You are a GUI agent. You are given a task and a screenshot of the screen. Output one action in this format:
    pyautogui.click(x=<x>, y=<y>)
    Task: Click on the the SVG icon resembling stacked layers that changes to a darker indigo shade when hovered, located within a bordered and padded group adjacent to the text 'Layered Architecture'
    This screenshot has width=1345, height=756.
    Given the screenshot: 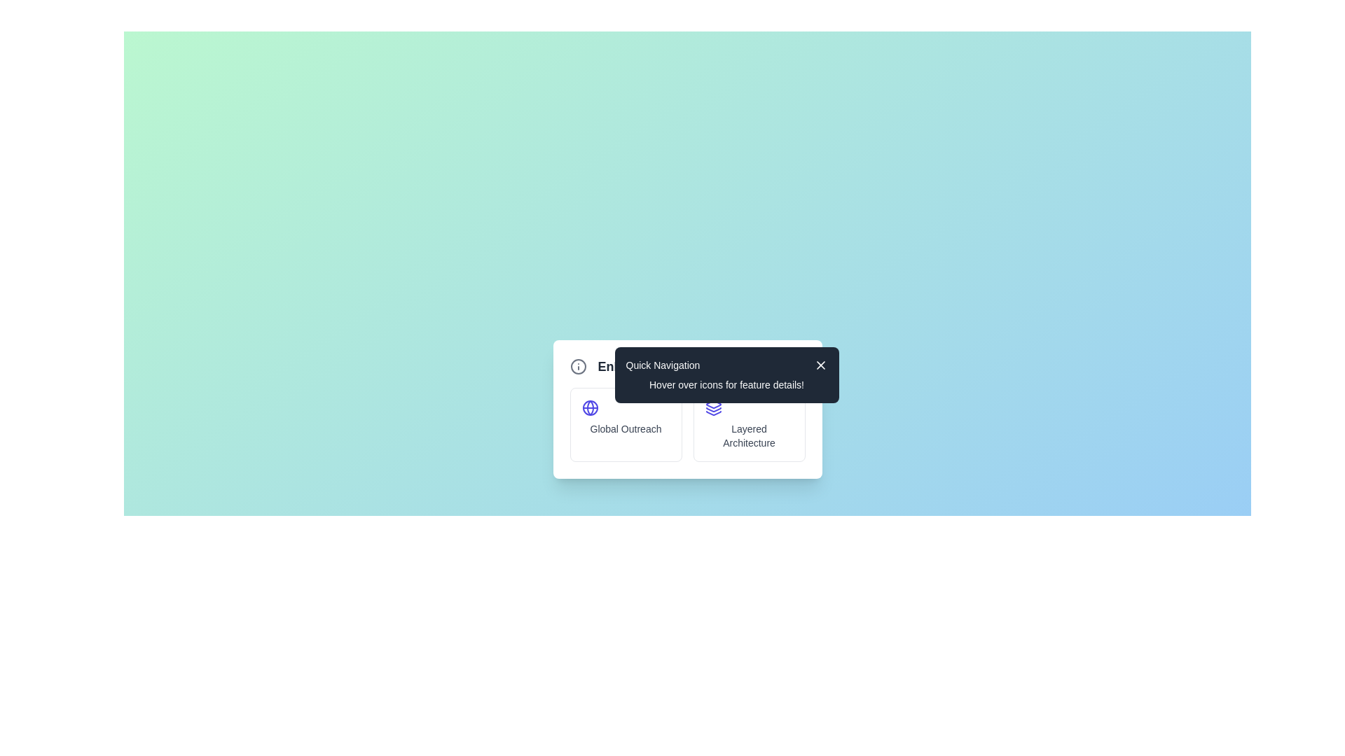 What is the action you would take?
    pyautogui.click(x=713, y=407)
    